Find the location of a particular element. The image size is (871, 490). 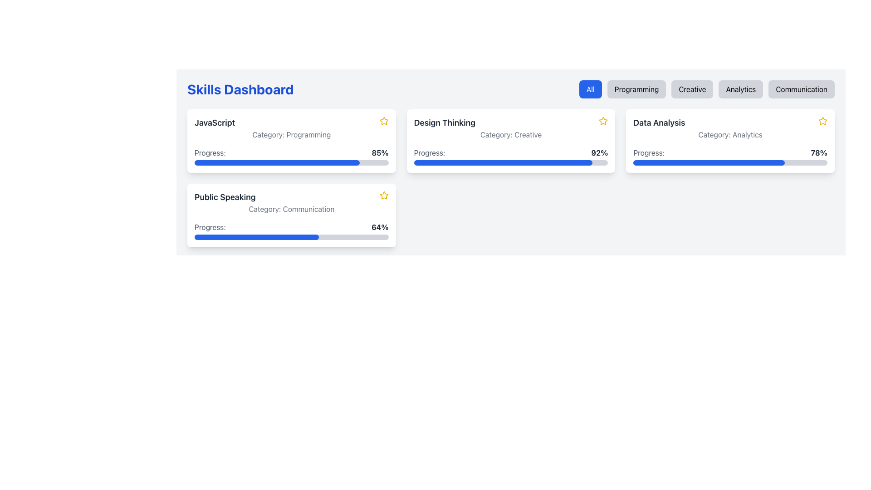

the second button from the left in the horizontal group of buttons at the top-center of the interface to filter content related to 'Programming' is located at coordinates (636, 89).